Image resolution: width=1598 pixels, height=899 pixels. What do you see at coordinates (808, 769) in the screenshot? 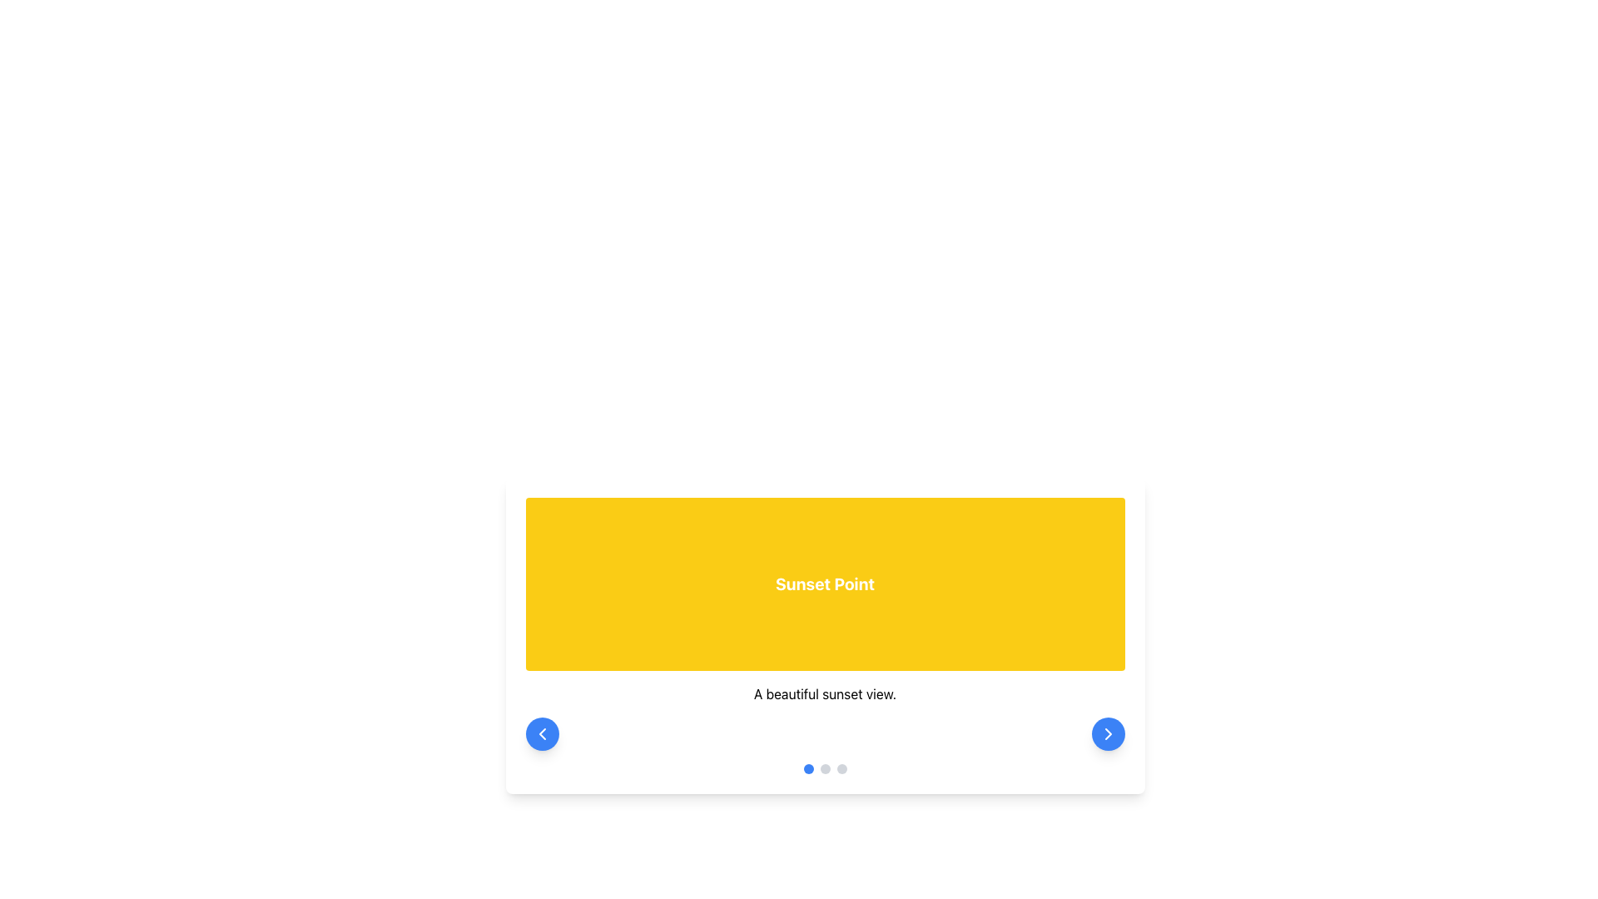
I see `the blue circular Indicator Dot` at bounding box center [808, 769].